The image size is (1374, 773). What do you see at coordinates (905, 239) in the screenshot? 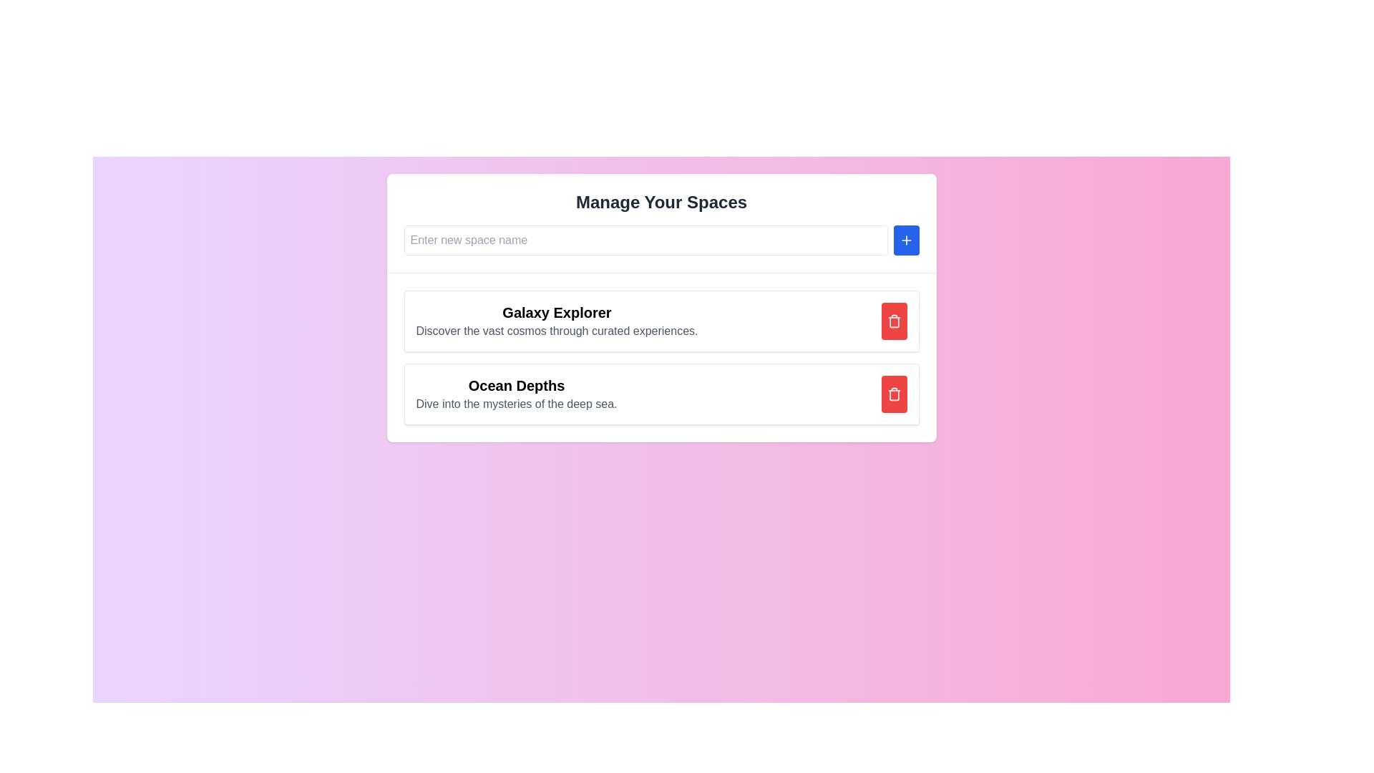
I see `the button with a plus icon located in the top-right of the layout` at bounding box center [905, 239].